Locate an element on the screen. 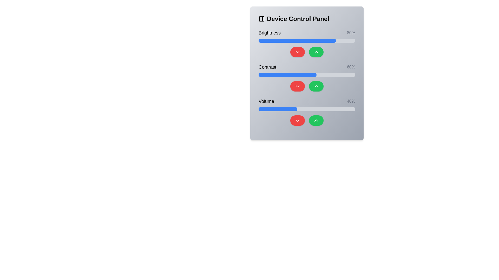 Image resolution: width=499 pixels, height=280 pixels. the Progress bar labeled 'Contrast 60%' which is a horizontal bar with a blue portion indicating 60% progress is located at coordinates (307, 75).